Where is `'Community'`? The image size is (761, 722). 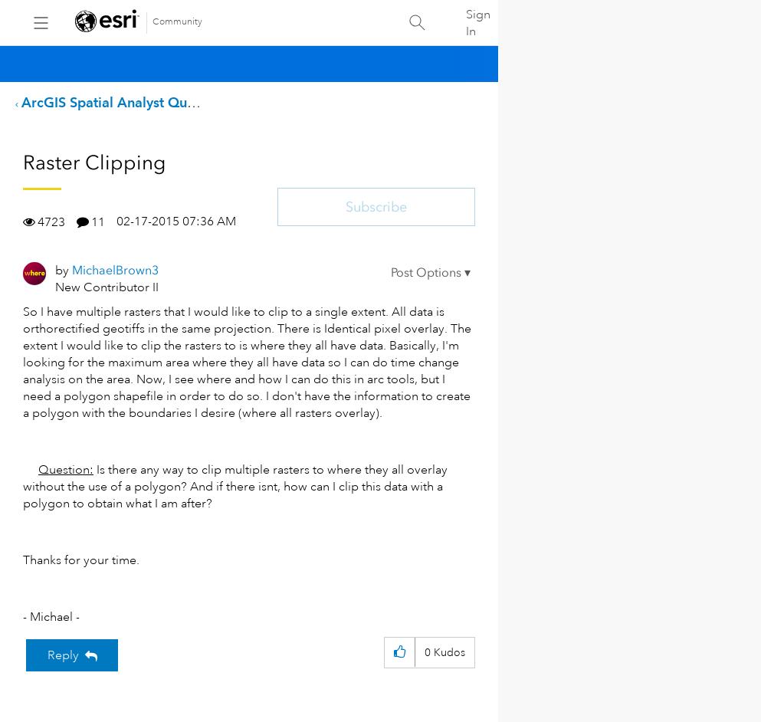 'Community' is located at coordinates (152, 21).